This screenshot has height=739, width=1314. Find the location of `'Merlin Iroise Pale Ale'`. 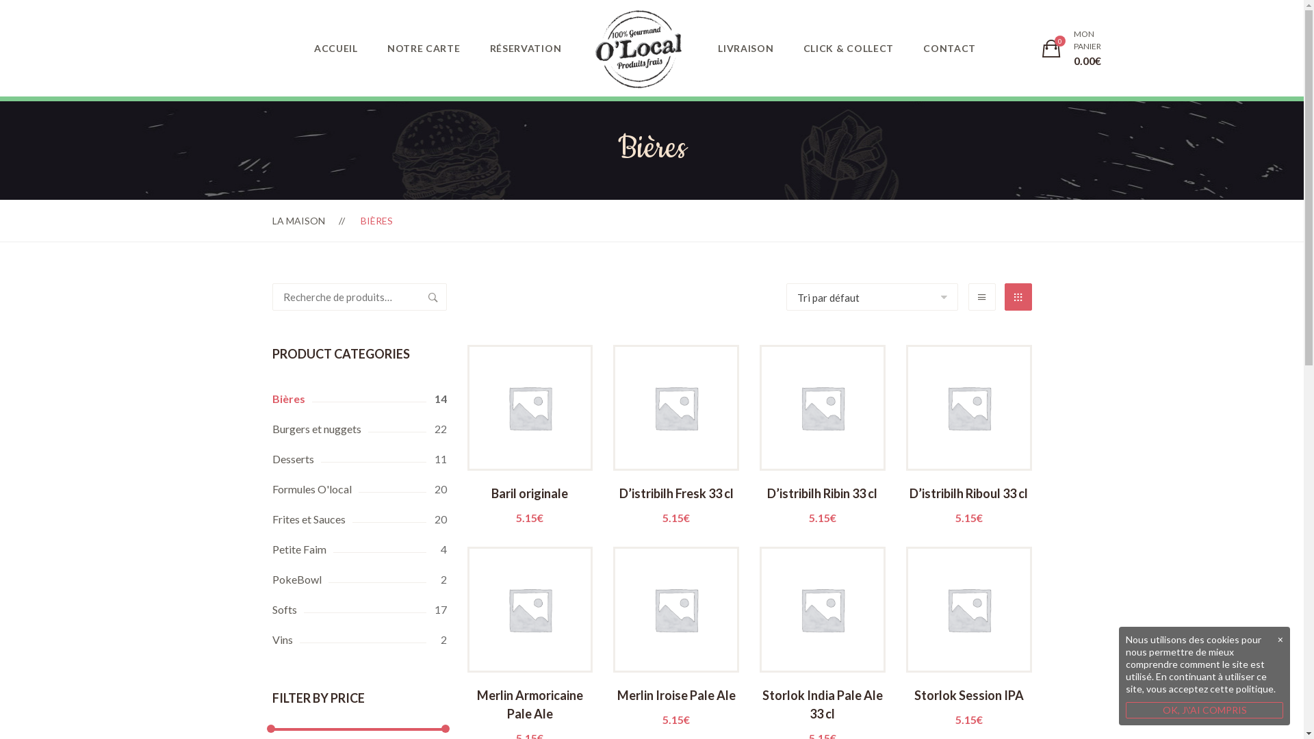

'Merlin Iroise Pale Ale' is located at coordinates (676, 705).